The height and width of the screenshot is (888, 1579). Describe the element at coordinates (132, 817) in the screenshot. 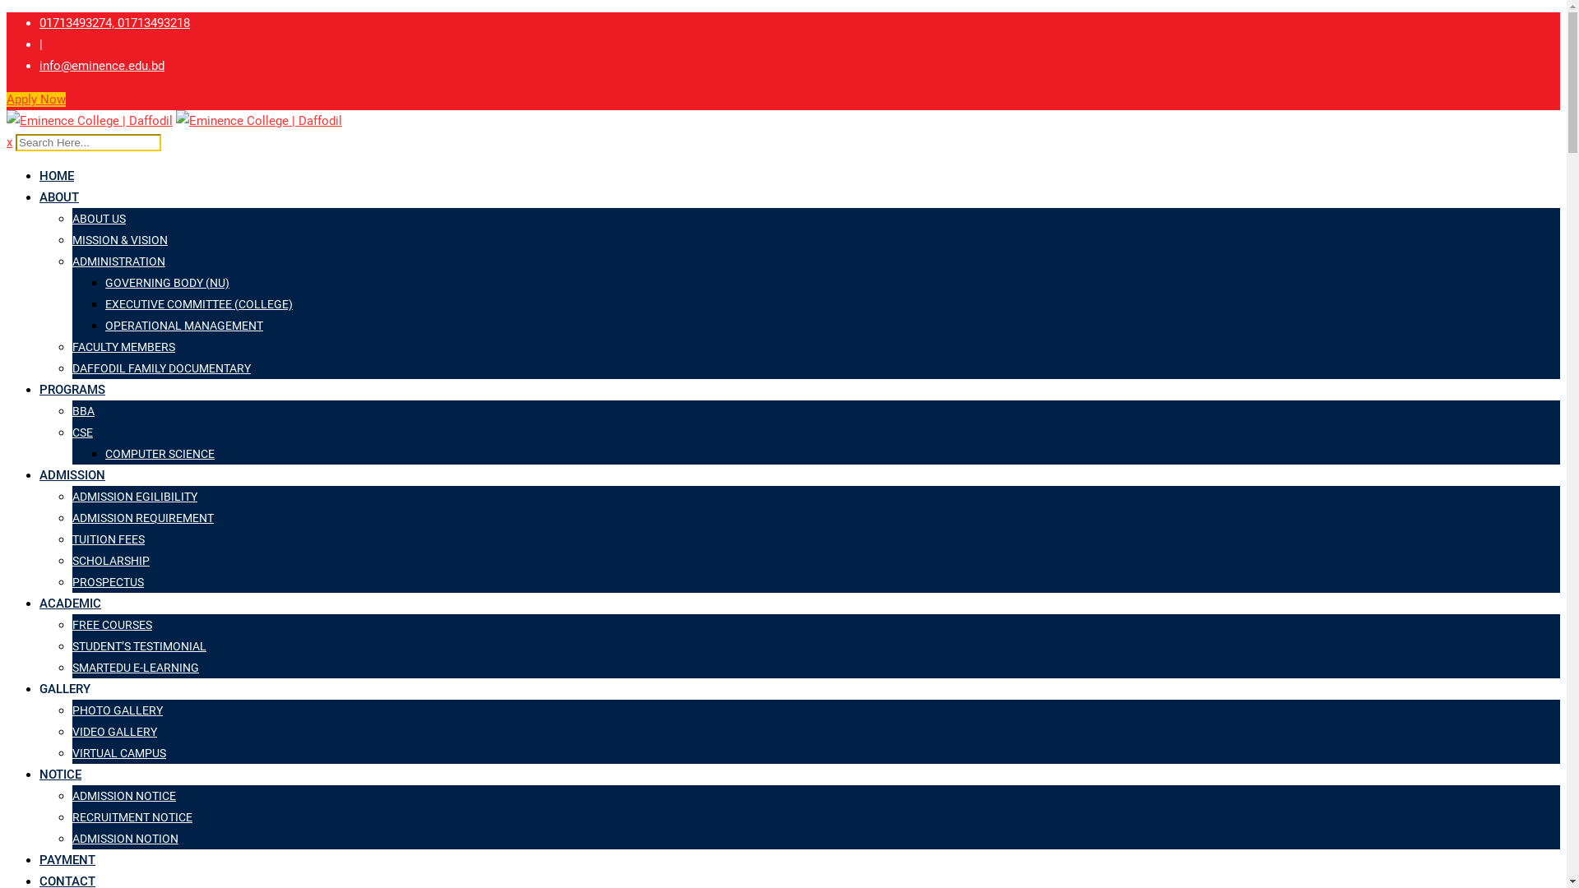

I see `'RECRUITMENT NOTICE'` at that location.